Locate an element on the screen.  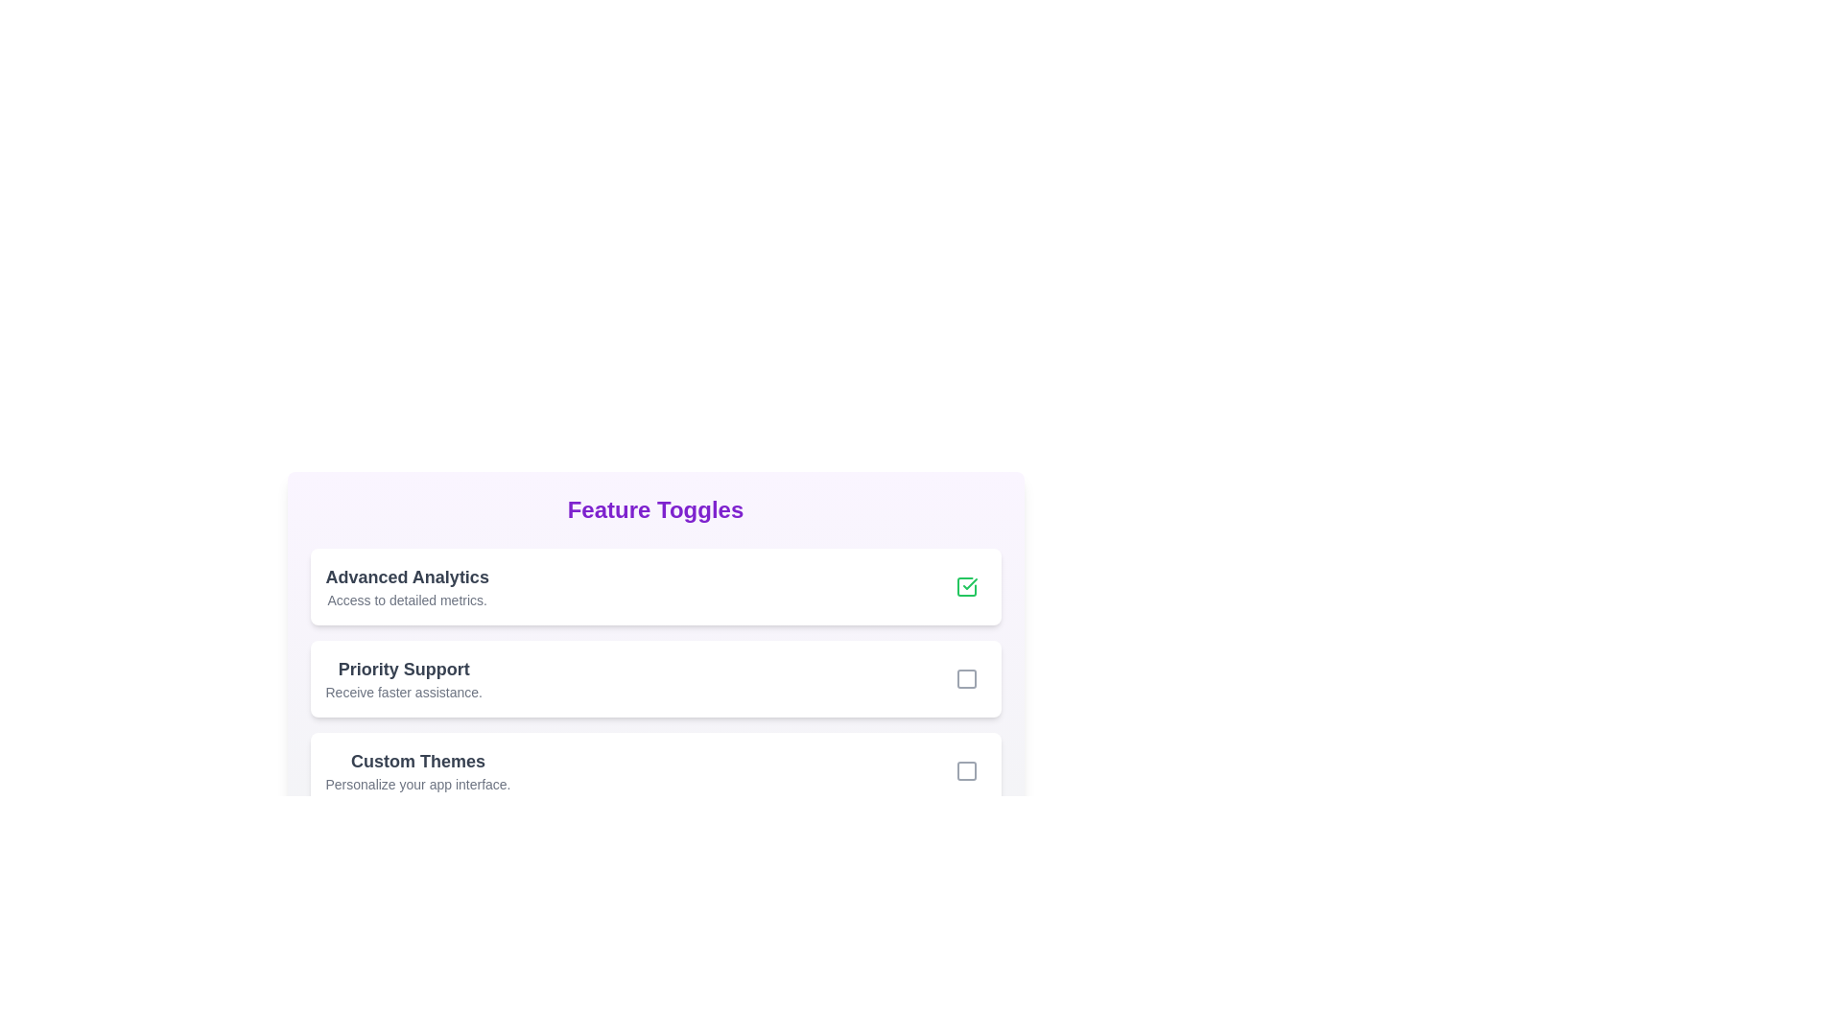
the green checkbox icon with a checkmark that represents an active state, located to the right of the 'Advanced Analytics' text is located at coordinates (966, 586).